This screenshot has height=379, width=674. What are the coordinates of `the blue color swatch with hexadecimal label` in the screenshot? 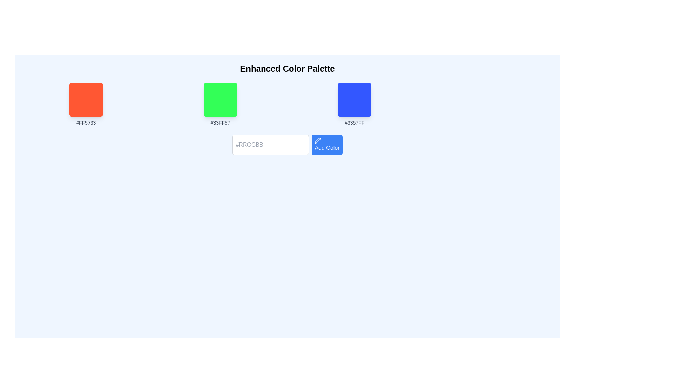 It's located at (355, 104).